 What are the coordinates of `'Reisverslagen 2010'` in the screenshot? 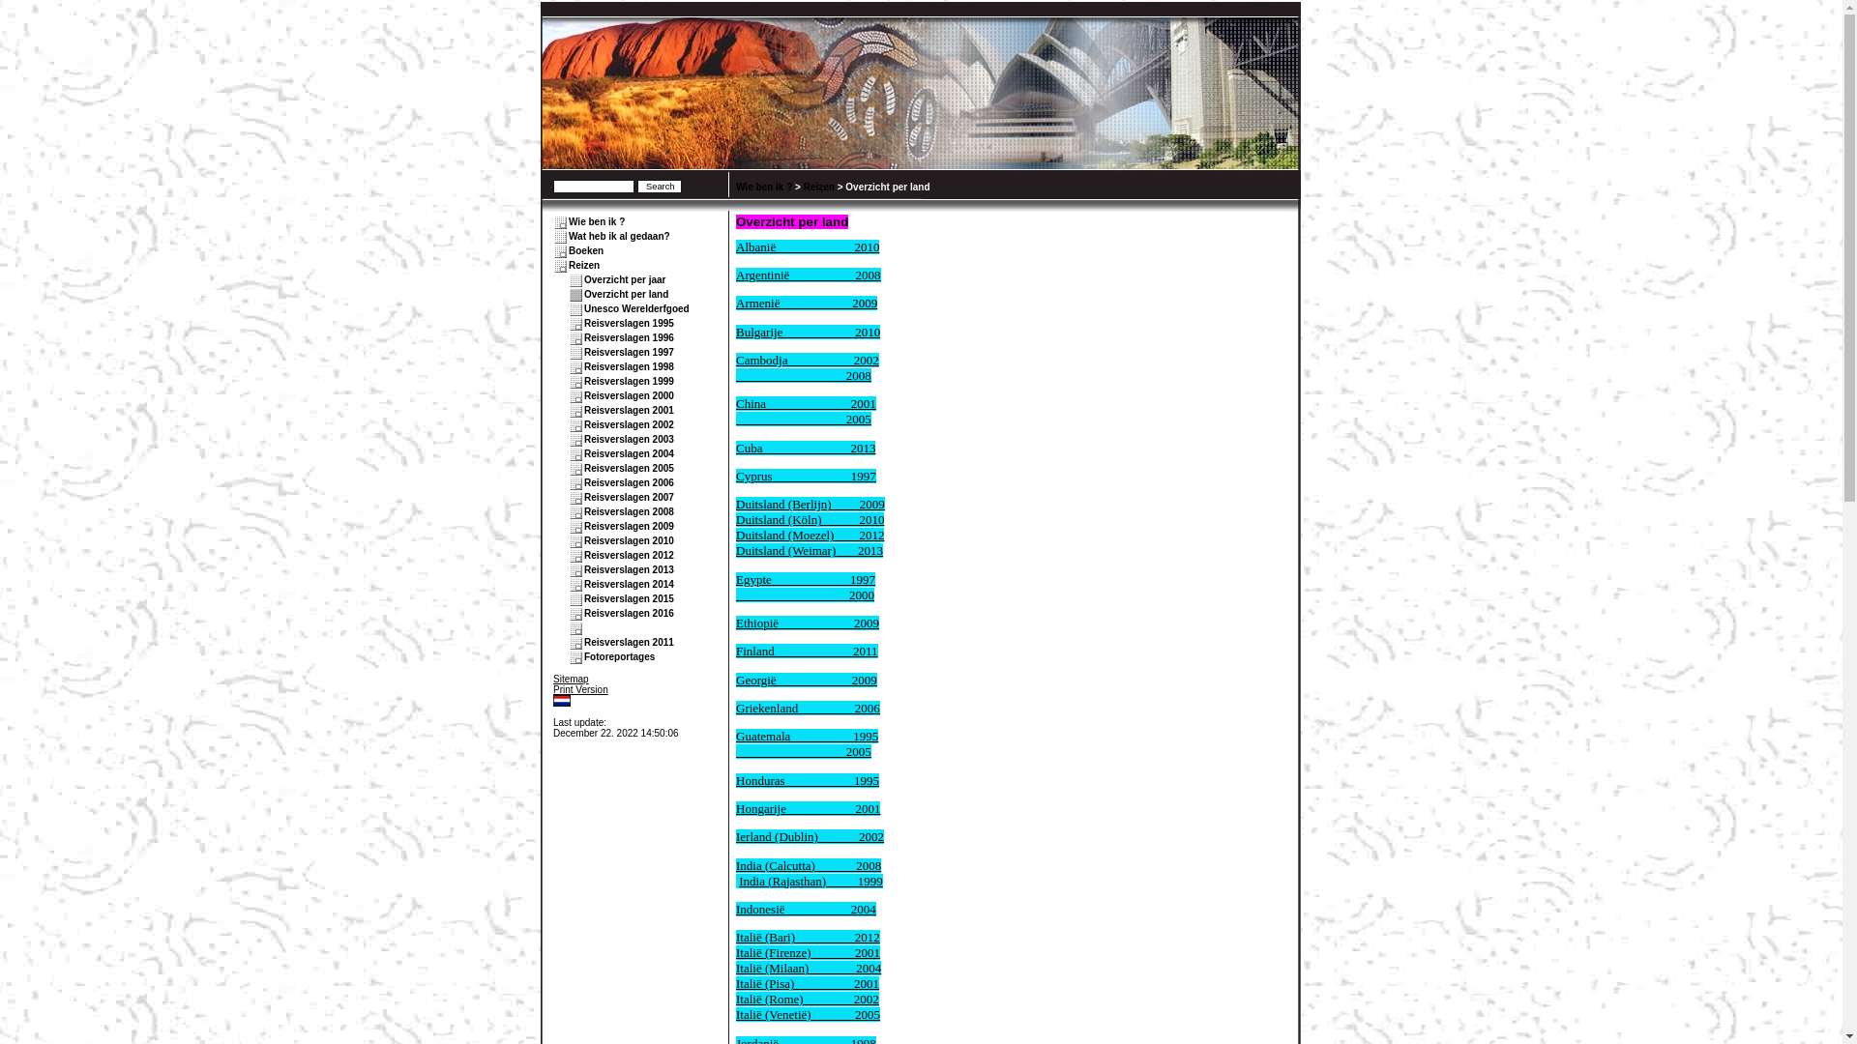 It's located at (629, 540).